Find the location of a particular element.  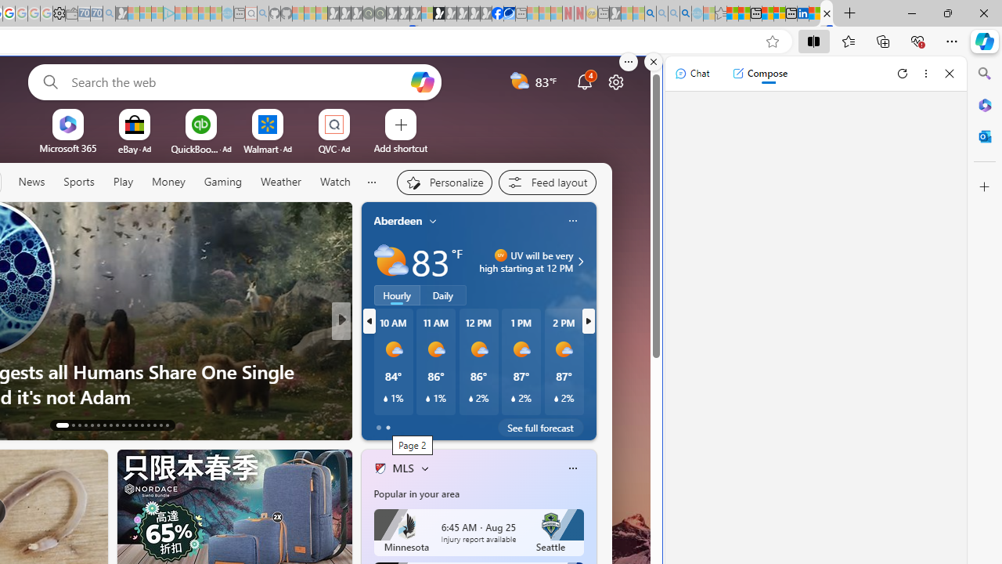

'github - Search - Sleeping' is located at coordinates (263, 13).